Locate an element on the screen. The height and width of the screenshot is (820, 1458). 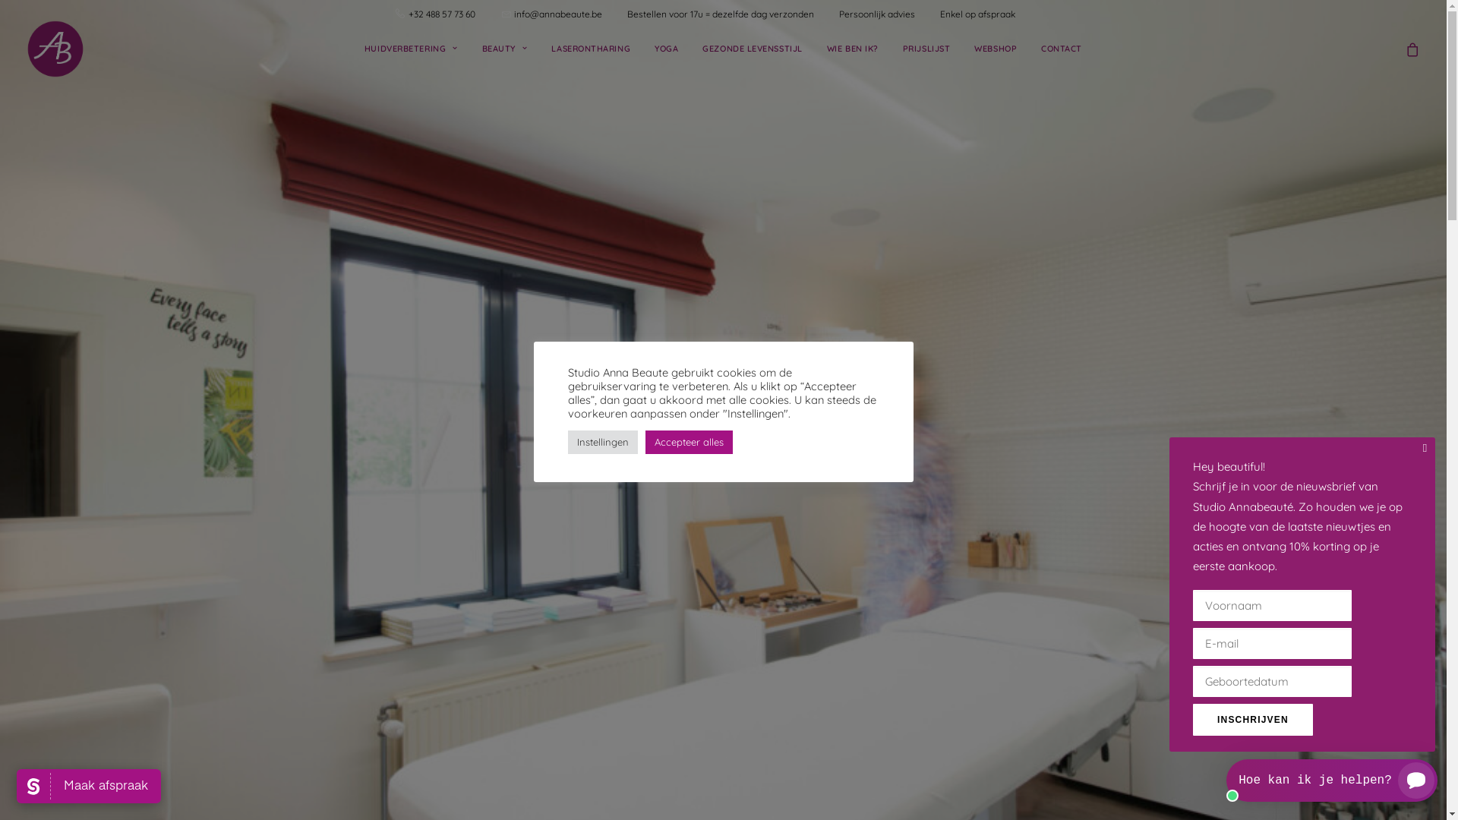
'PRIJSLIJST' is located at coordinates (926, 48).